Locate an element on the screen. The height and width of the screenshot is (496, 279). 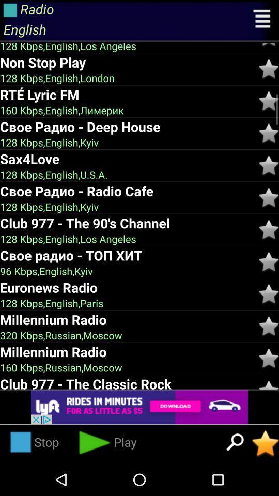
to favorite is located at coordinates (269, 261).